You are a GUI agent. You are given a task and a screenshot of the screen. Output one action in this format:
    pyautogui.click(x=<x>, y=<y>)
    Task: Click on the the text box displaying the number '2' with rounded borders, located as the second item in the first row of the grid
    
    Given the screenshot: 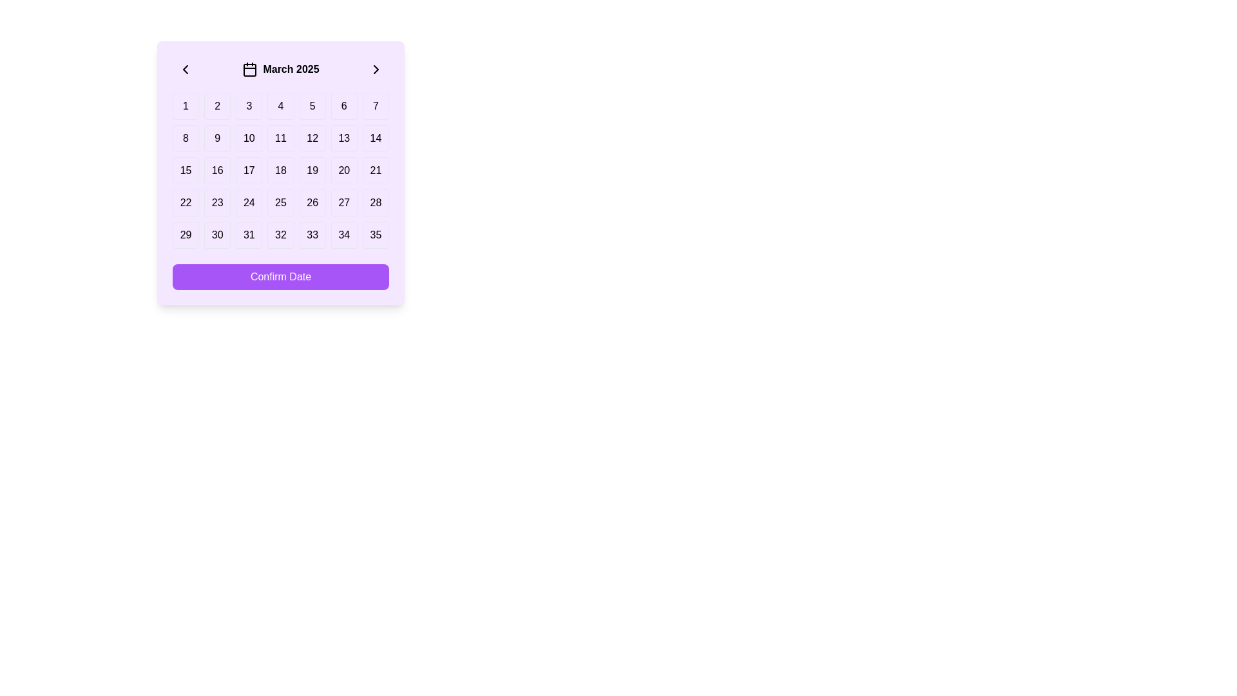 What is the action you would take?
    pyautogui.click(x=217, y=106)
    